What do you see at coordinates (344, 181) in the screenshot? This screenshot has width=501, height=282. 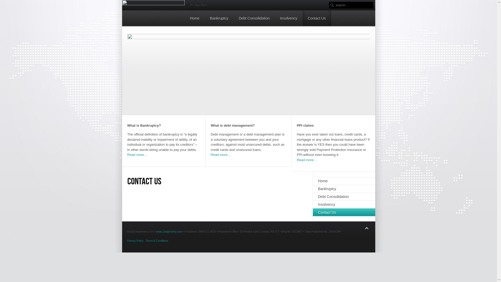 I see `'Home'` at bounding box center [344, 181].